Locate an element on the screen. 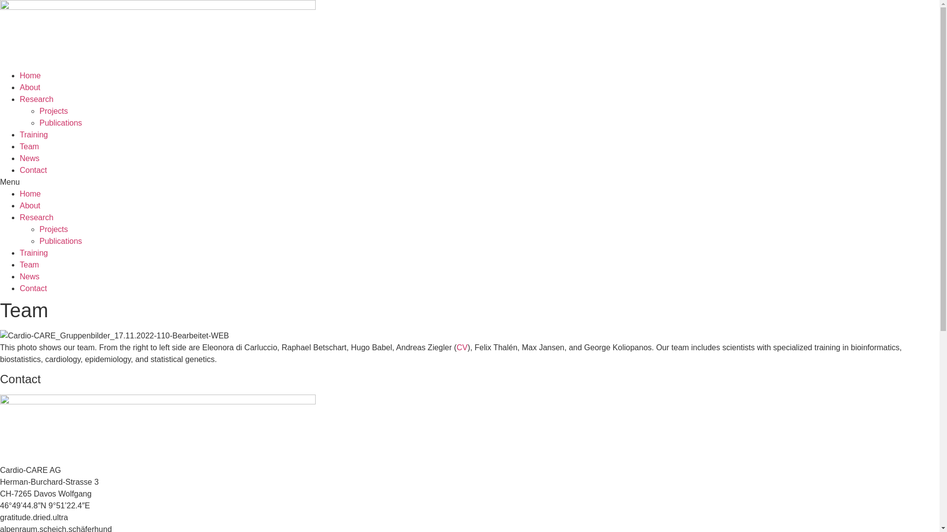 This screenshot has height=532, width=947. 'Training' is located at coordinates (34, 252).